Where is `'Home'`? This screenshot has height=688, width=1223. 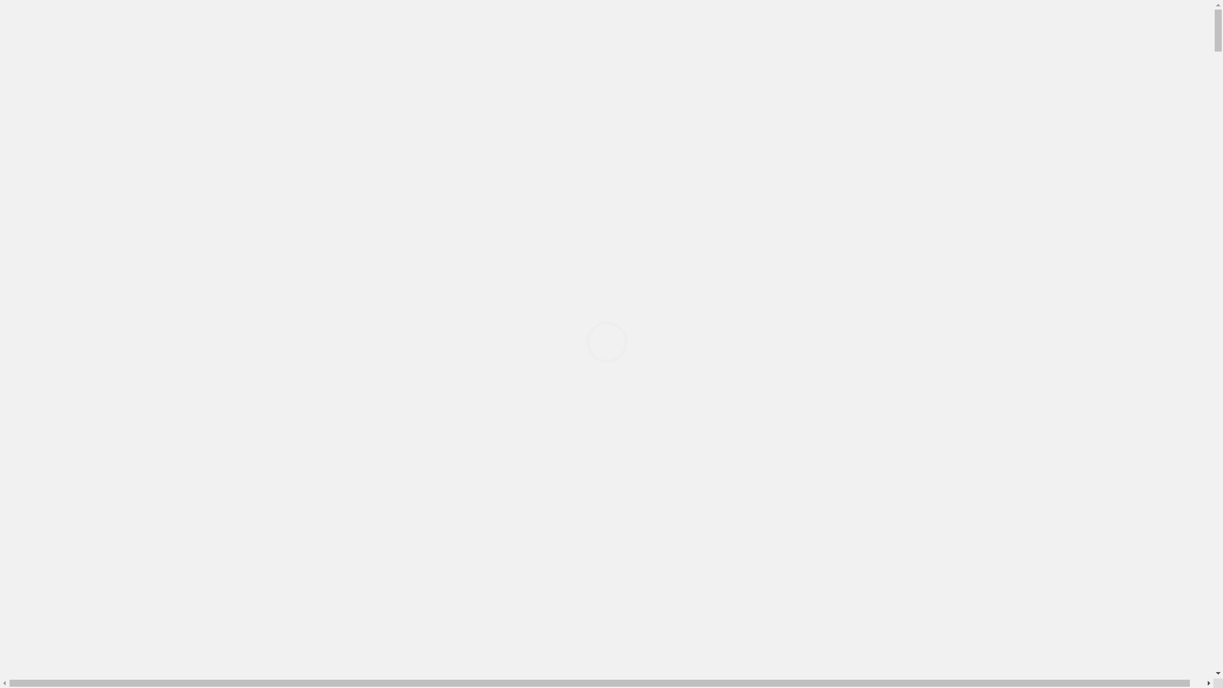
'Home' is located at coordinates (43, 99).